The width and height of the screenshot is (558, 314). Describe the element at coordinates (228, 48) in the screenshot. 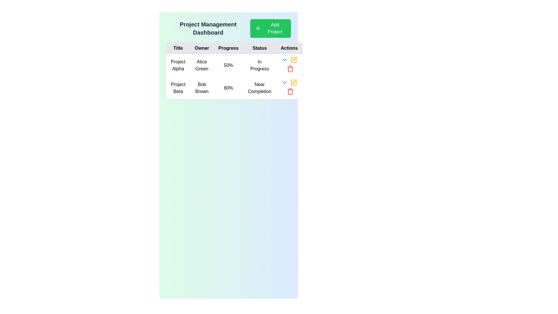

I see `the 'Progress' header in the table, which is the third element in the row, positioned between 'Owner' and 'Status'` at that location.